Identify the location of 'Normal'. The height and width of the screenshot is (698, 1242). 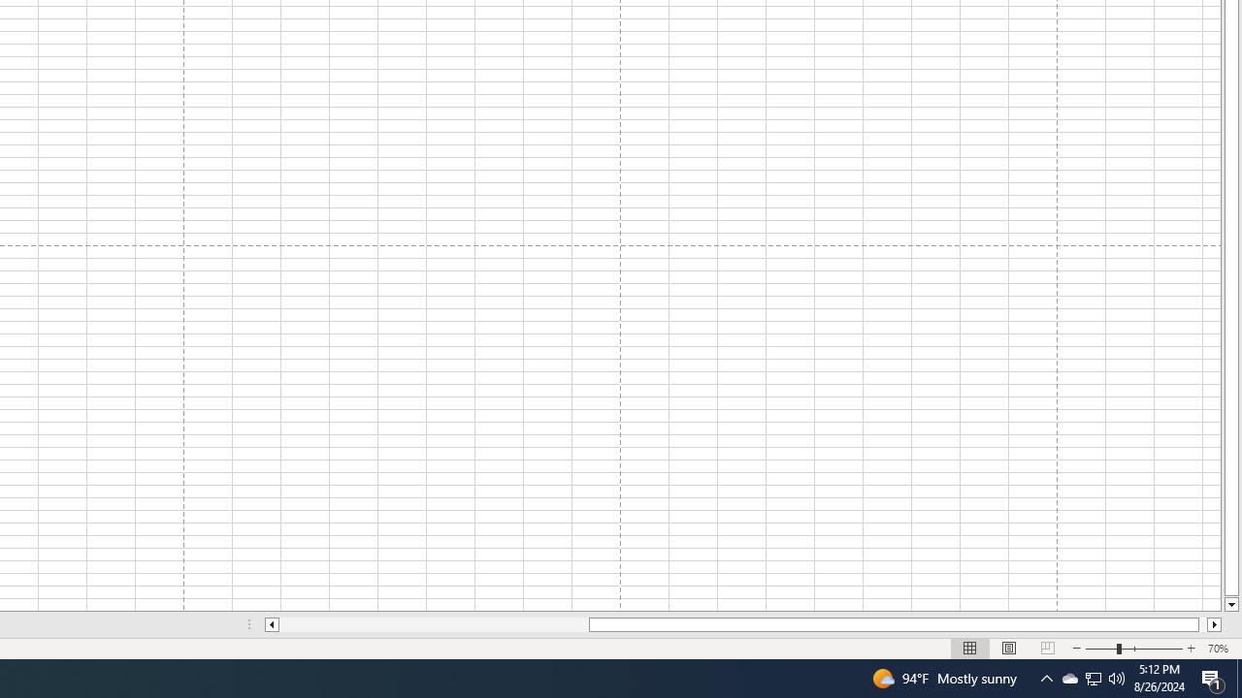
(970, 649).